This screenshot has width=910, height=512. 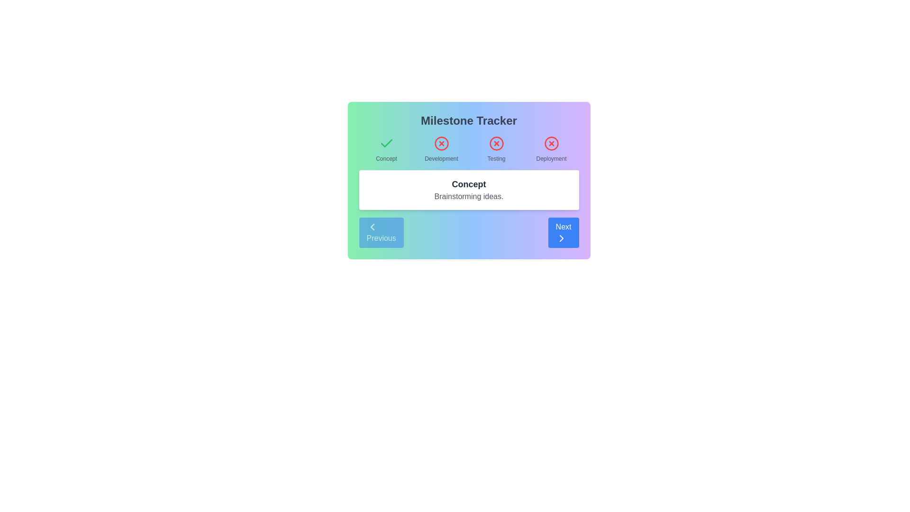 I want to click on the displayed information in the Informational box that describes the 'Concept' milestone, which contains the text 'Brainstorming ideas.', so click(x=469, y=190).